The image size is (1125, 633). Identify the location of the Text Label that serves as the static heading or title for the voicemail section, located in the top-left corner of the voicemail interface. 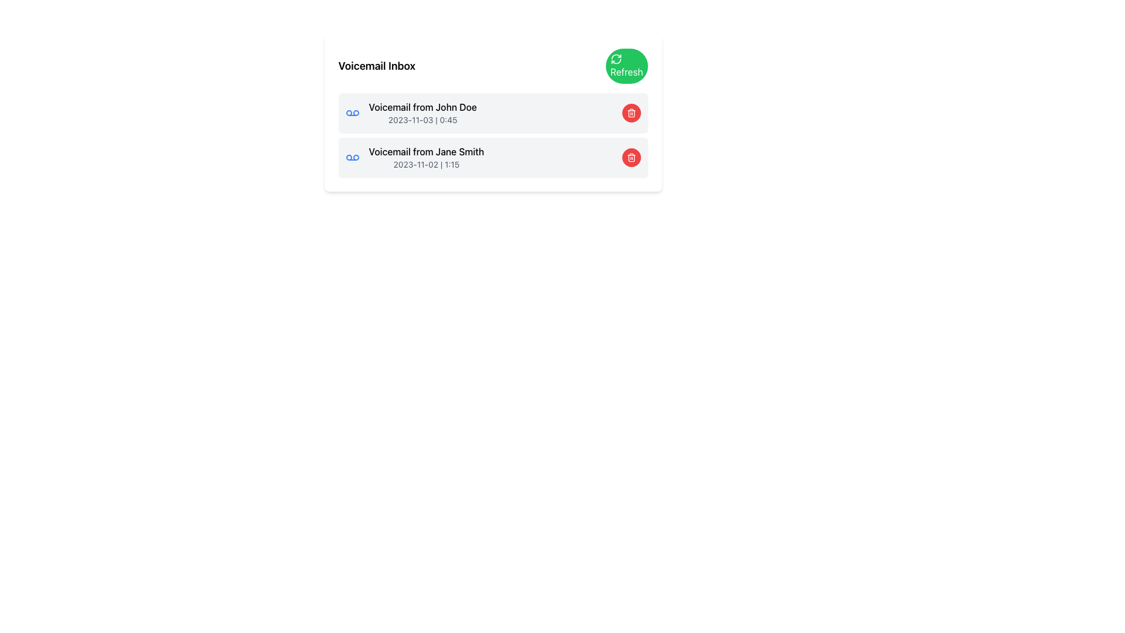
(377, 66).